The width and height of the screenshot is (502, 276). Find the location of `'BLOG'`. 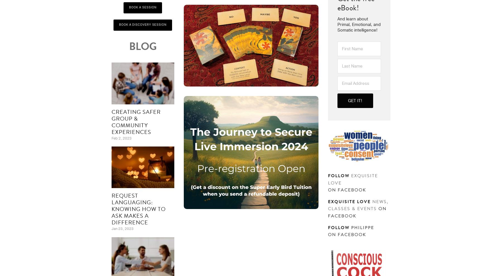

'BLOG' is located at coordinates (142, 46).